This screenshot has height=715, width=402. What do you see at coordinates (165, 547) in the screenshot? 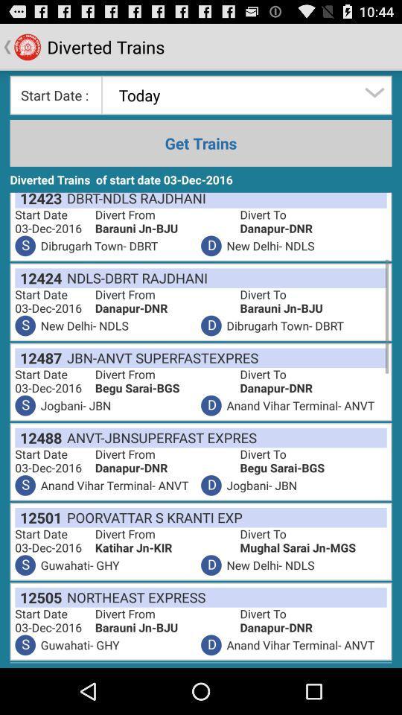
I see `the app to the right of start date item` at bounding box center [165, 547].